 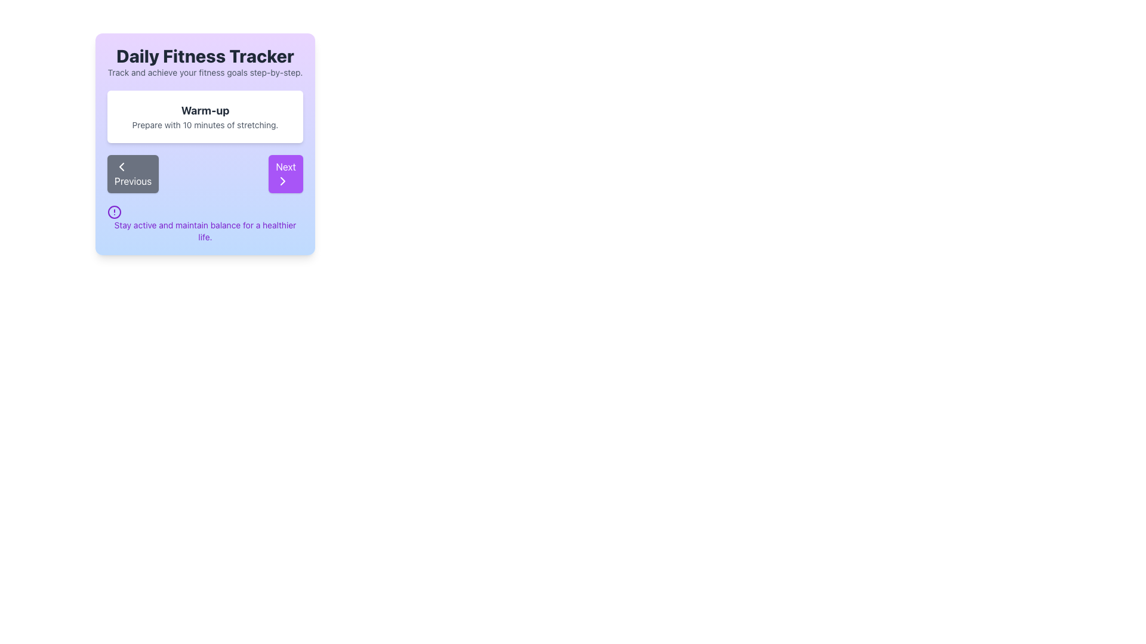 I want to click on the Informational Section containing the text 'Warm-up' and 'Prepare with 10 minutes of stretching.', so click(x=205, y=141).